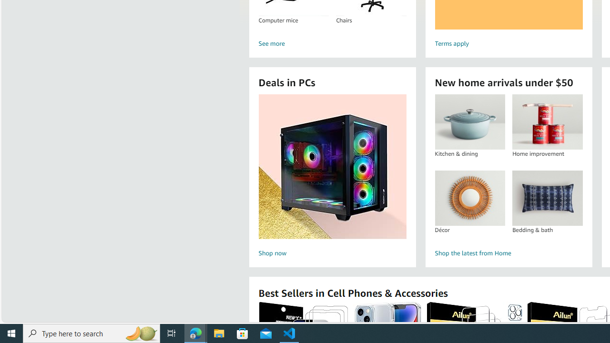 This screenshot has width=610, height=343. Describe the element at coordinates (332, 177) in the screenshot. I see `'Deals in PCs Shop now'` at that location.